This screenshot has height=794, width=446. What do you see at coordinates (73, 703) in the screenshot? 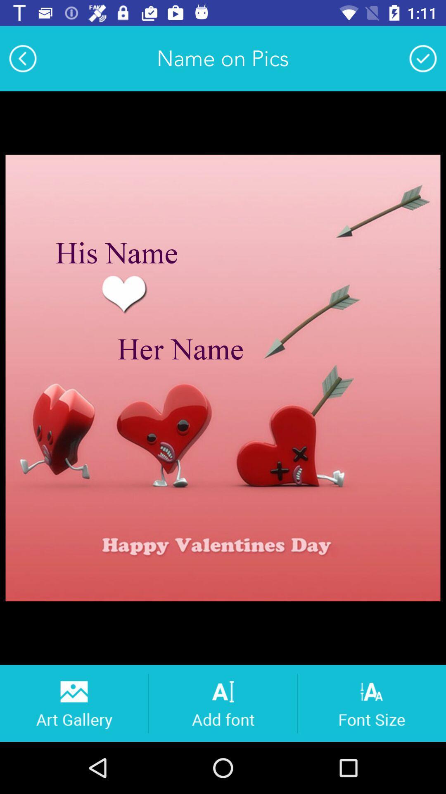
I see `art gallery option` at bounding box center [73, 703].